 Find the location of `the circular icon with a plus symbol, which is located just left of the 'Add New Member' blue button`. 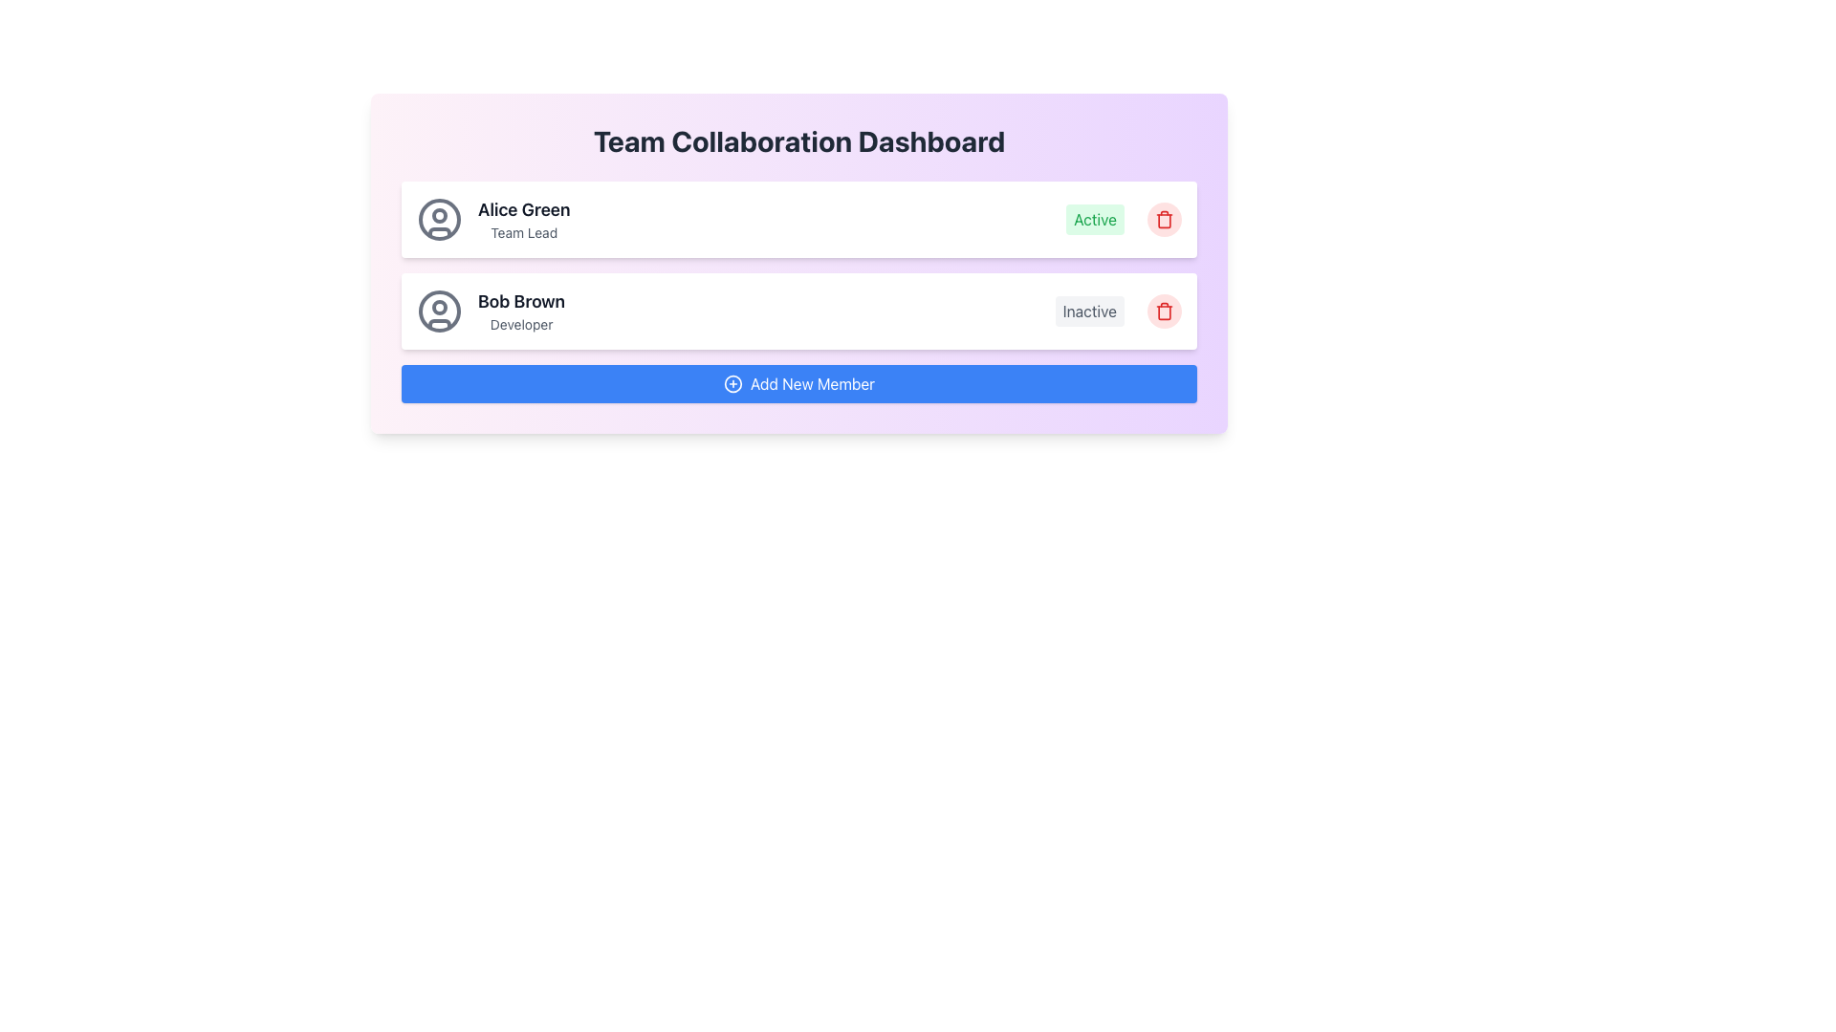

the circular icon with a plus symbol, which is located just left of the 'Add New Member' blue button is located at coordinates (732, 383).